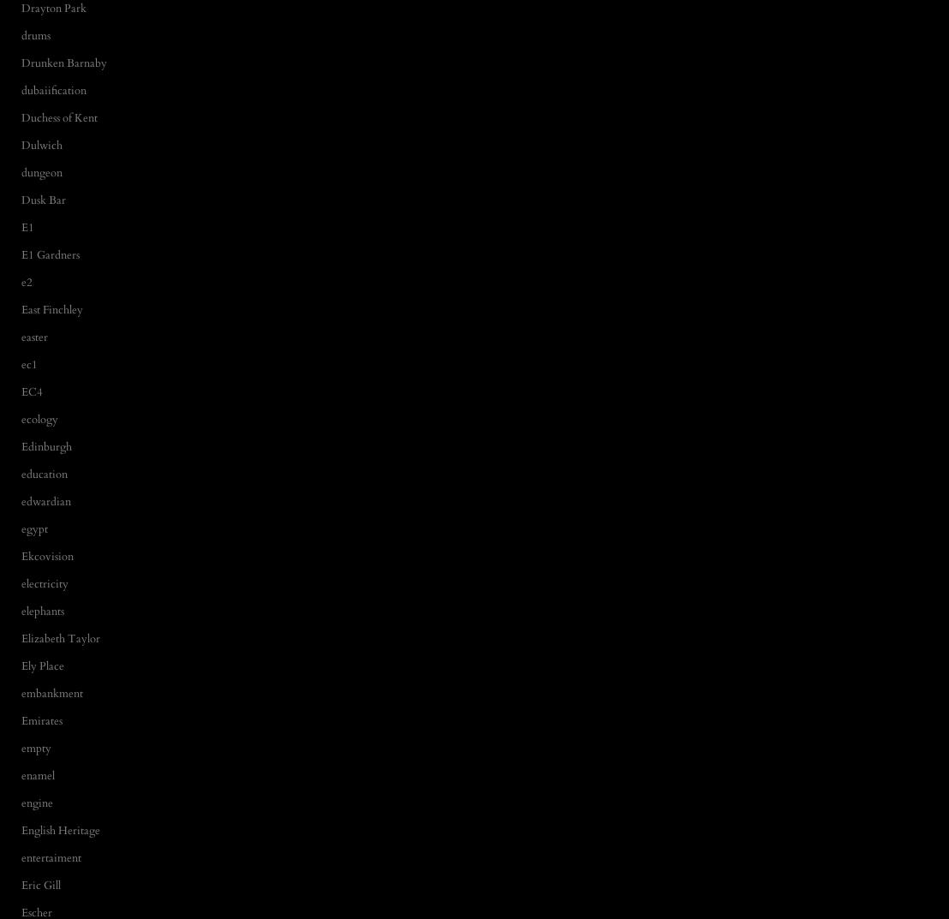 The height and width of the screenshot is (919, 949). Describe the element at coordinates (53, 90) in the screenshot. I see `'dubaiification'` at that location.